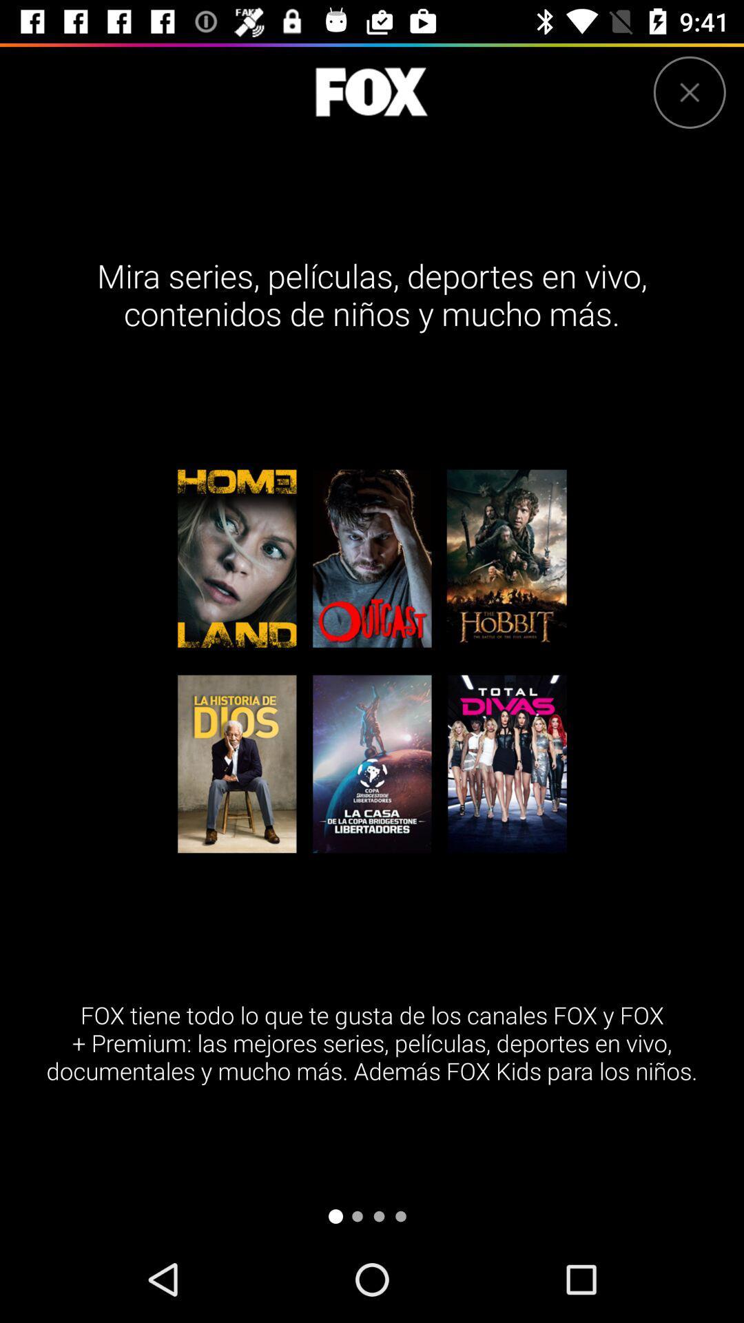 This screenshot has width=744, height=1323. Describe the element at coordinates (371, 92) in the screenshot. I see `to go to fox homepage` at that location.